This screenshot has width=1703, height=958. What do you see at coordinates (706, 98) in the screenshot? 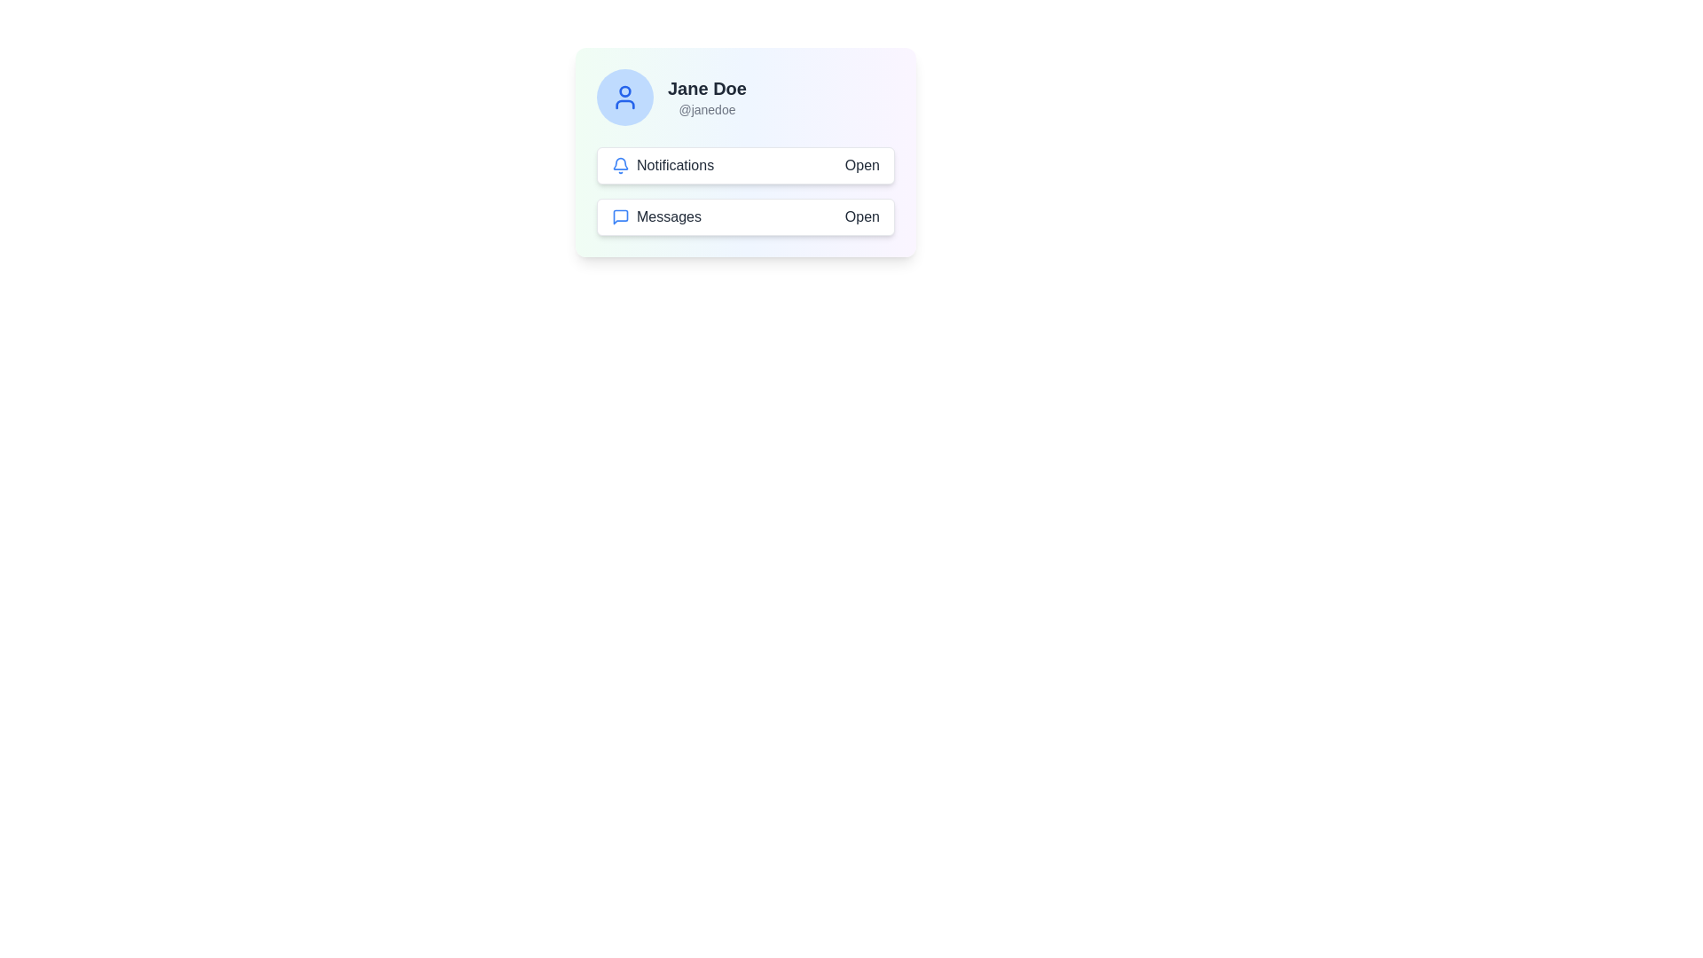
I see `the profile information element displaying the name 'Jane Doe' and the username '@janedoe', located in the top-right section of a white card layout` at bounding box center [706, 98].